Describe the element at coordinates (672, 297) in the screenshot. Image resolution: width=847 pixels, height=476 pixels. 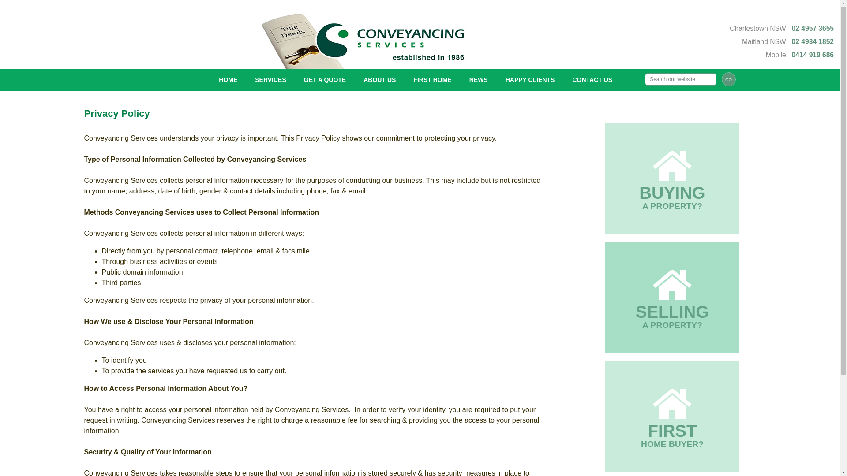
I see `'SELLING` at that location.